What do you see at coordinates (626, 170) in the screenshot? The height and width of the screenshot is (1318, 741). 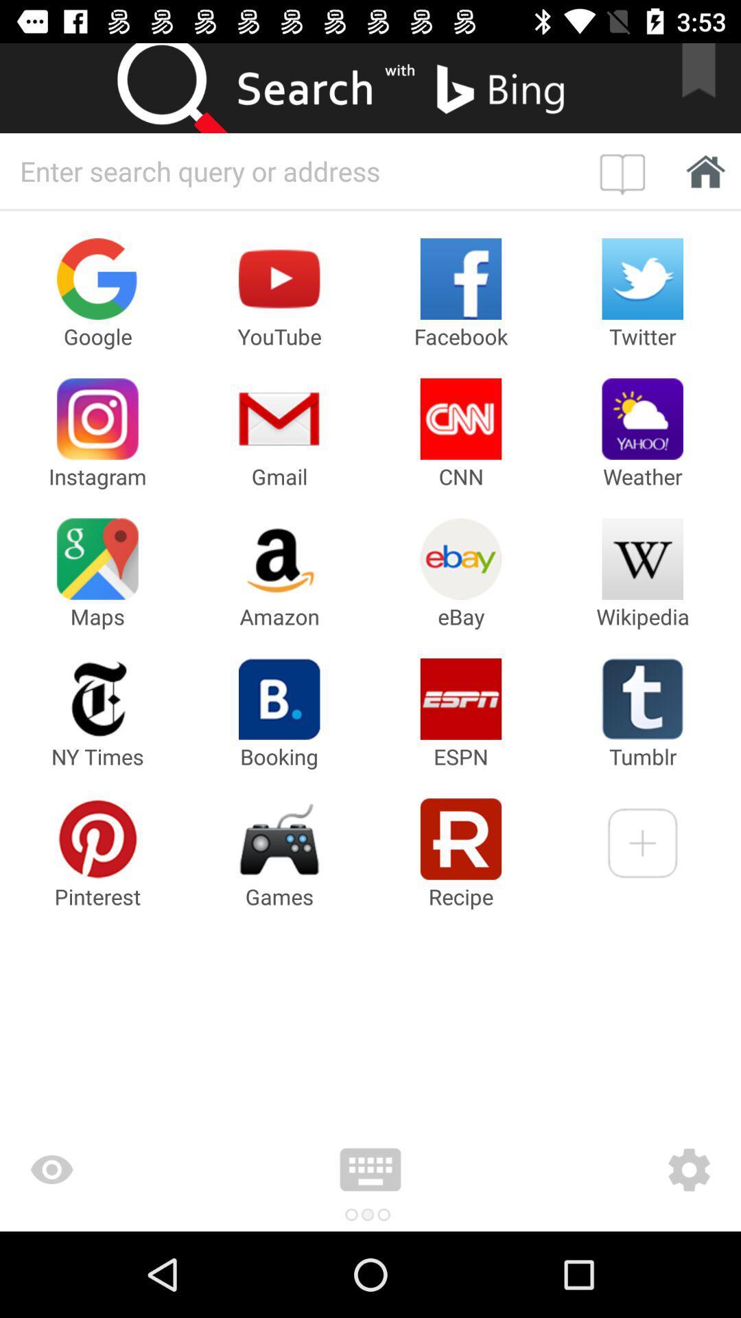 I see `open bookmark` at bounding box center [626, 170].